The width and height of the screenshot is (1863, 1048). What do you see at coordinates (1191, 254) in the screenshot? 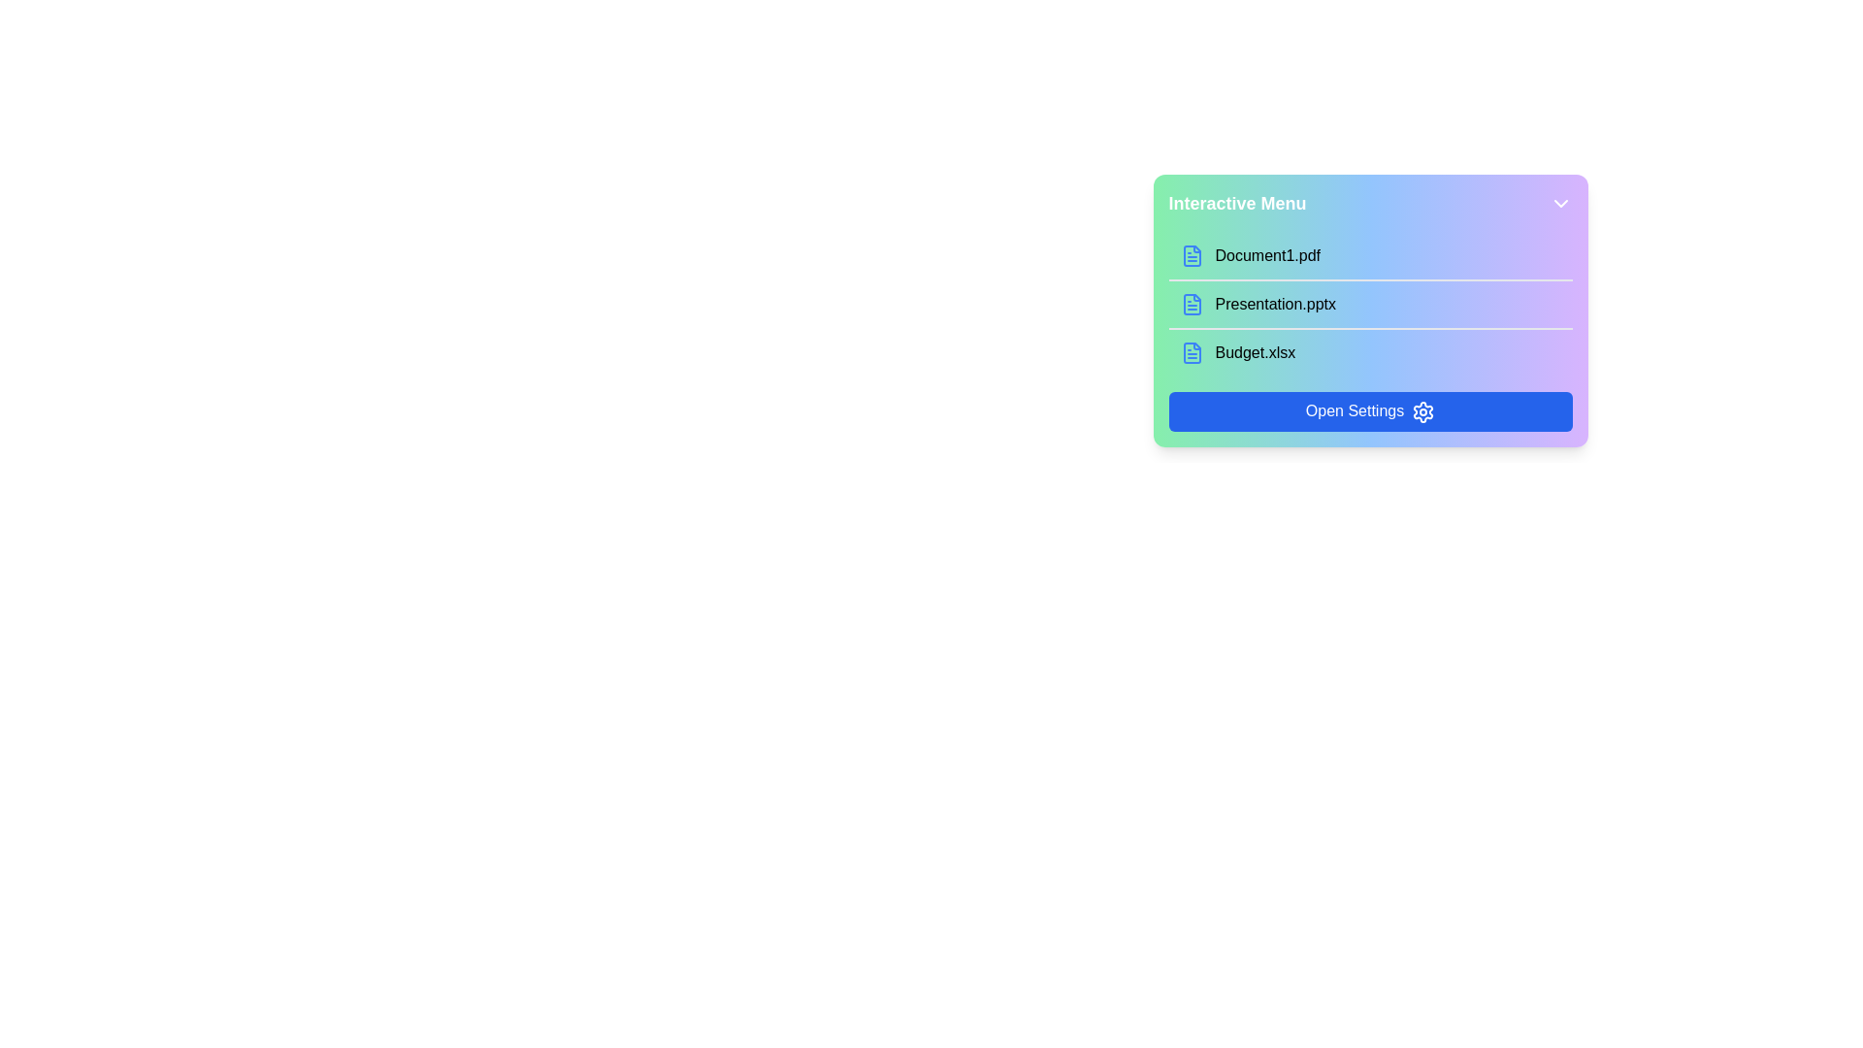
I see `the blue document icon, which is the first icon in the interactive menu, to interact with it` at bounding box center [1191, 254].